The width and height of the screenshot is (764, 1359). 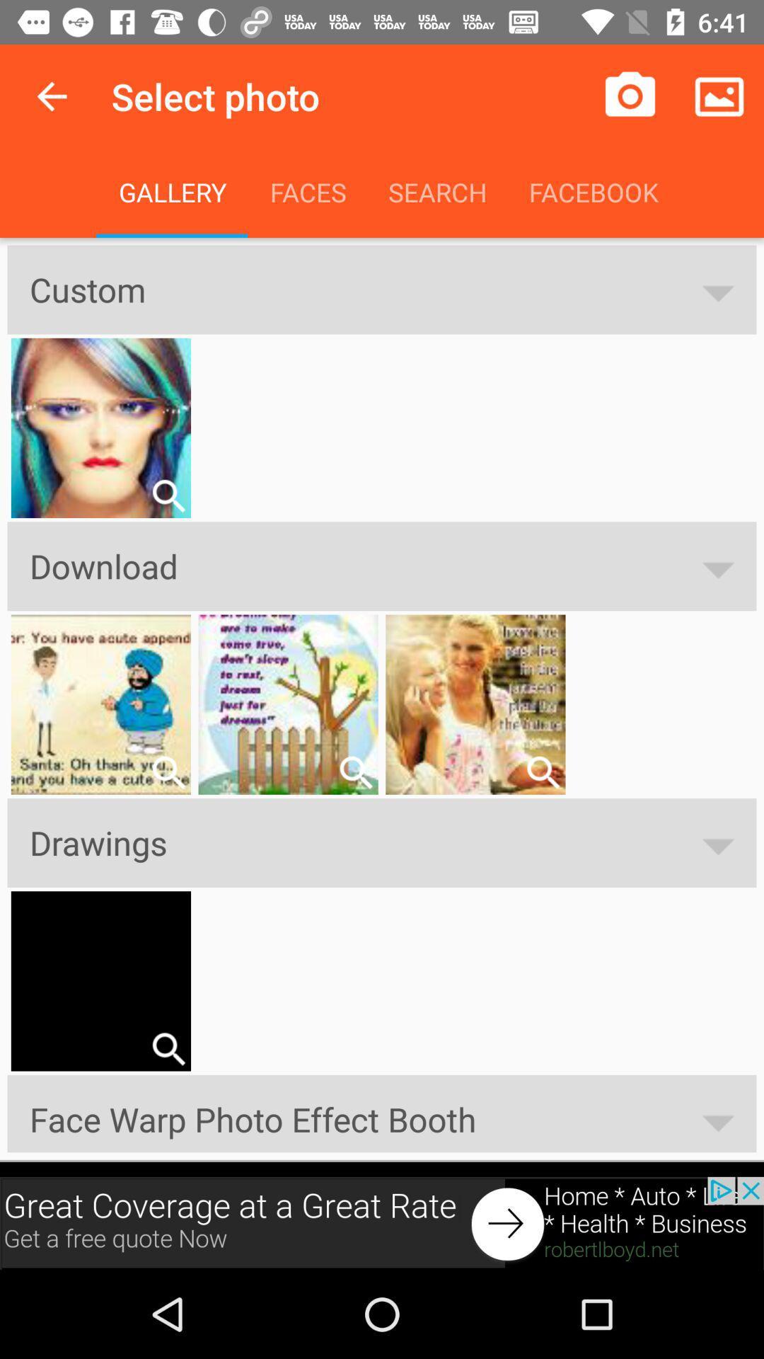 What do you see at coordinates (168, 772) in the screenshot?
I see `the picture and zoom` at bounding box center [168, 772].